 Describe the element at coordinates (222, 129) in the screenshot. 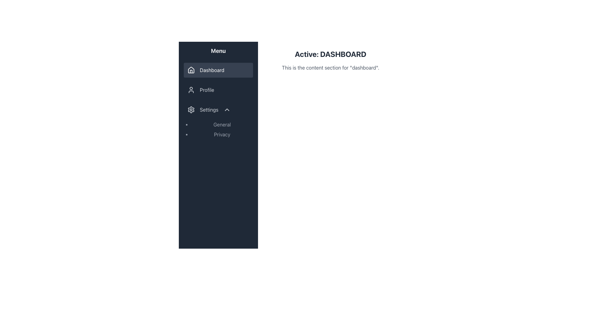

I see `the 'General' option in the Sidebar menu subsection under the 'Settings' section` at that location.